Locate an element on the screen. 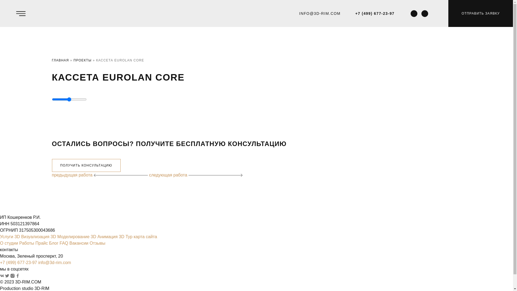  '+7 (499) 677-23-97' is located at coordinates (355, 13).